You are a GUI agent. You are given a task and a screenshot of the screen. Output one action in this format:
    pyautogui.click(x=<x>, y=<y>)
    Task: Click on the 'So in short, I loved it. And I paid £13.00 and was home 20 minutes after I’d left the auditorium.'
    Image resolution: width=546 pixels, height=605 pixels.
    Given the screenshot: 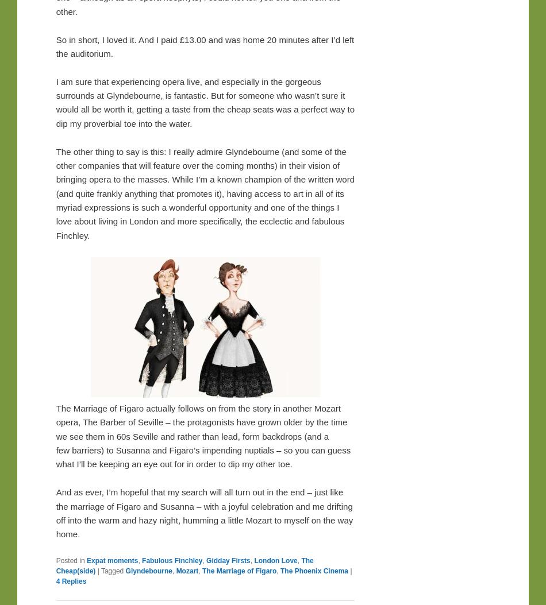 What is the action you would take?
    pyautogui.click(x=204, y=45)
    